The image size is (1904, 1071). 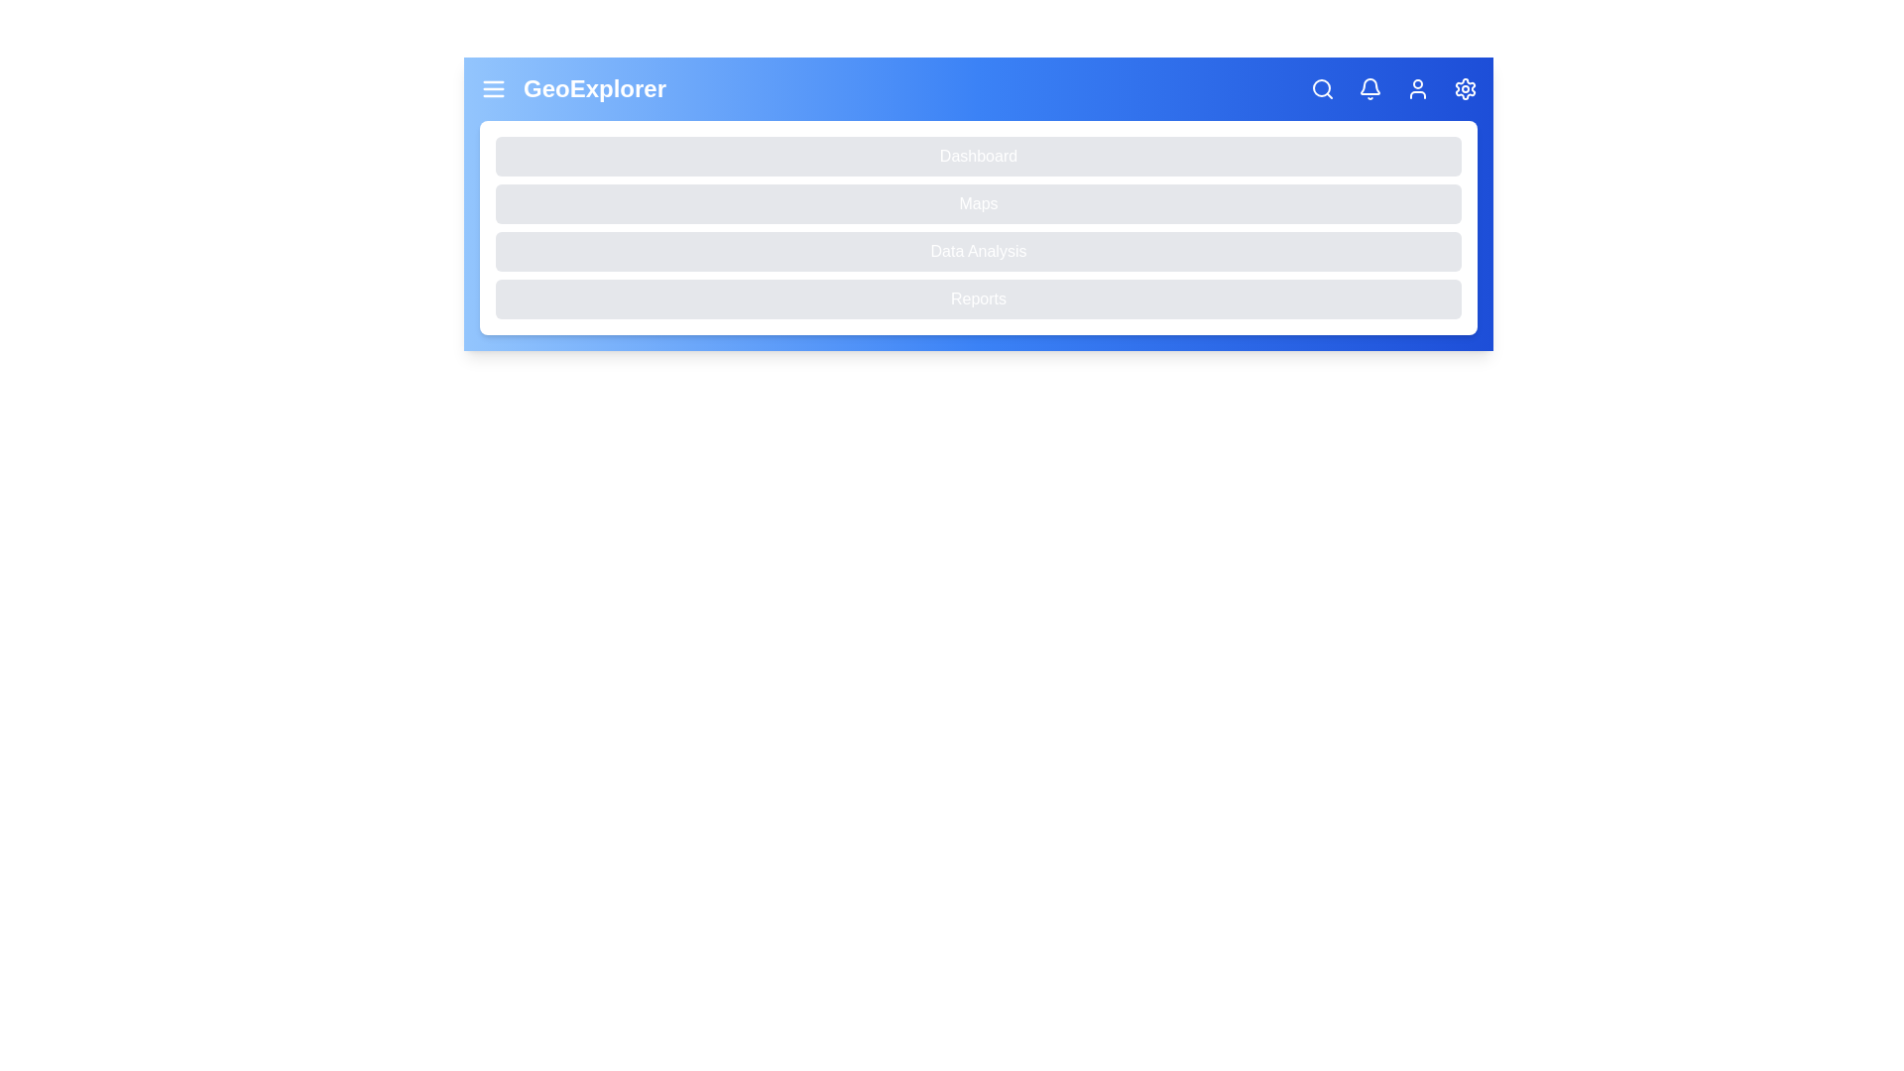 What do you see at coordinates (979, 251) in the screenshot?
I see `the menu item labeled Data Analysis to navigate to the corresponding section` at bounding box center [979, 251].